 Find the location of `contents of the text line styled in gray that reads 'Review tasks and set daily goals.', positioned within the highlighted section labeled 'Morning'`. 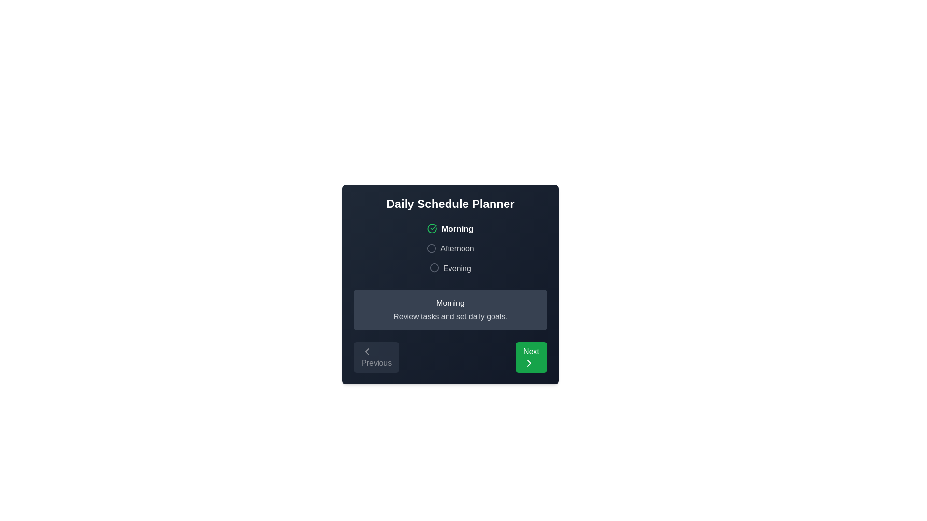

contents of the text line styled in gray that reads 'Review tasks and set daily goals.', positioned within the highlighted section labeled 'Morning' is located at coordinates (449, 316).